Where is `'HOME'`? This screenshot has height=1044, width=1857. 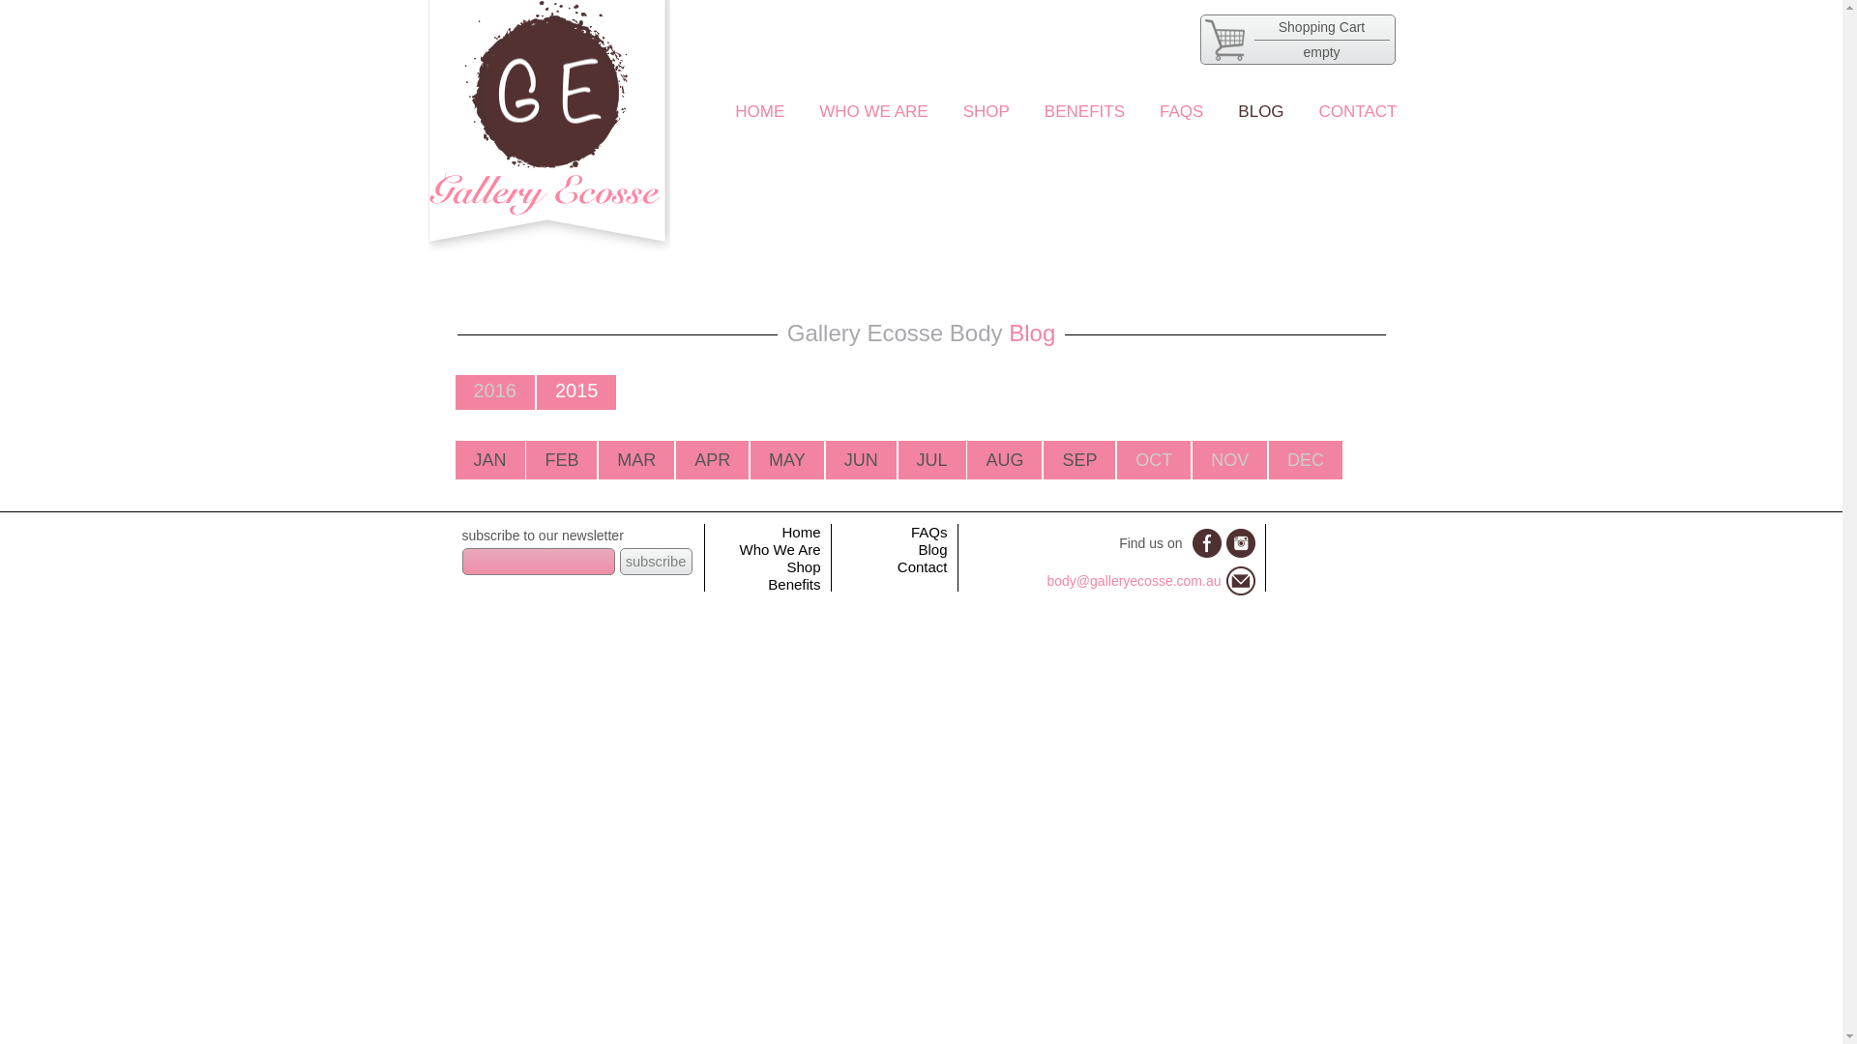 'HOME' is located at coordinates (733, 111).